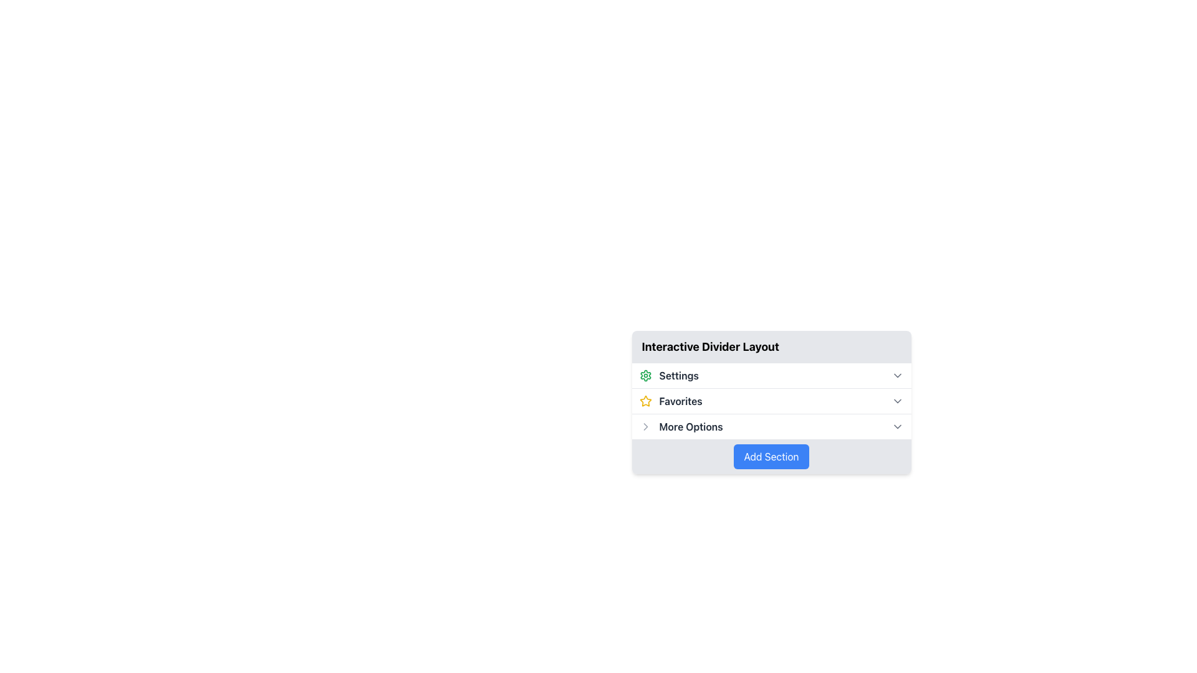 This screenshot has height=673, width=1197. Describe the element at coordinates (645, 401) in the screenshot. I see `the star-shaped icon representing the 'Favorites' feature, which has a distinctive yellow fill and smooth border, located to the left of the 'Favorites' label` at that location.